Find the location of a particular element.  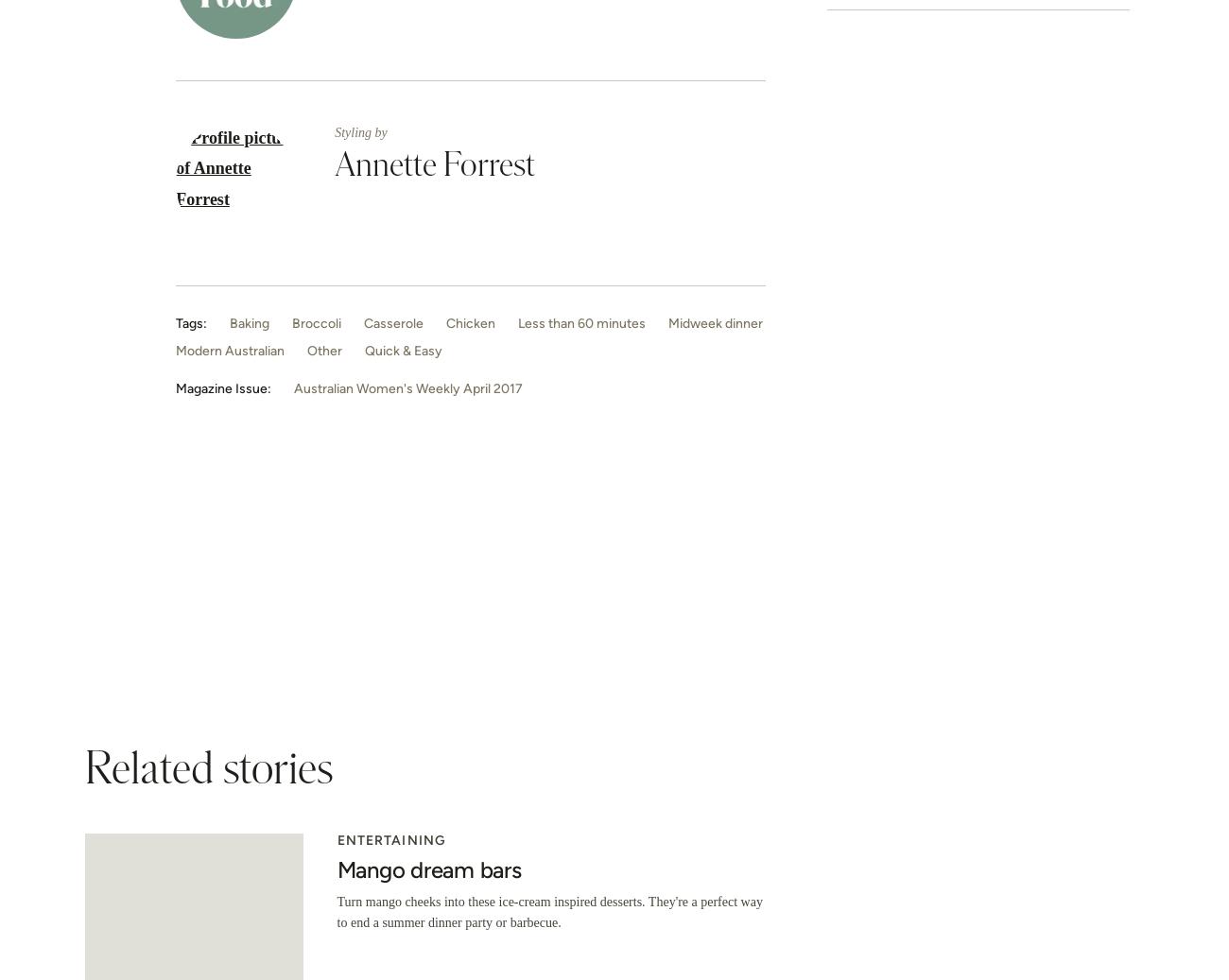

'Chicken' is located at coordinates (471, 321).